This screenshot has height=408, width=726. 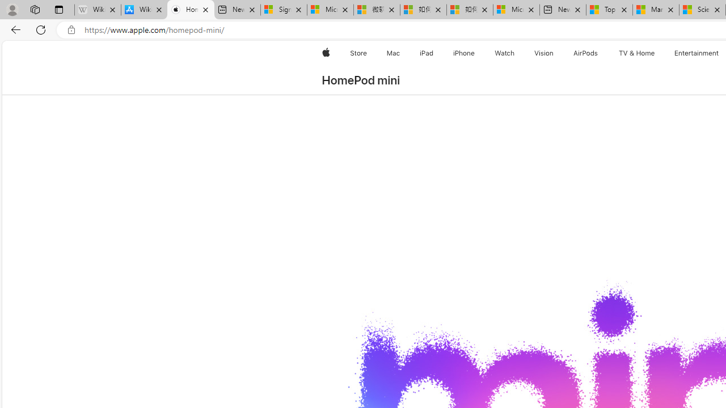 What do you see at coordinates (360, 80) in the screenshot?
I see `'HomePod mini'` at bounding box center [360, 80].